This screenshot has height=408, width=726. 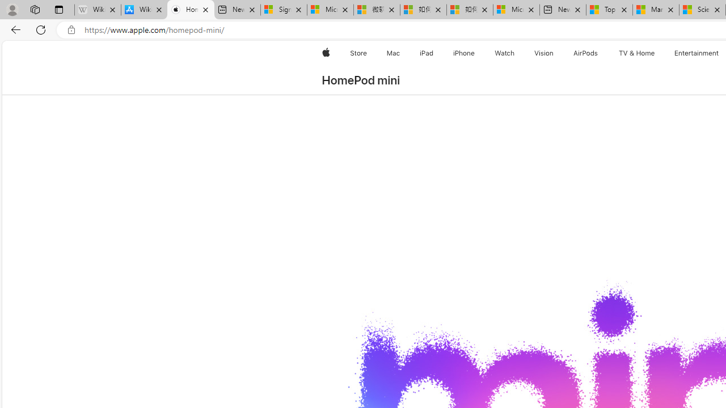 What do you see at coordinates (360, 80) in the screenshot?
I see `'HomePod mini'` at bounding box center [360, 80].